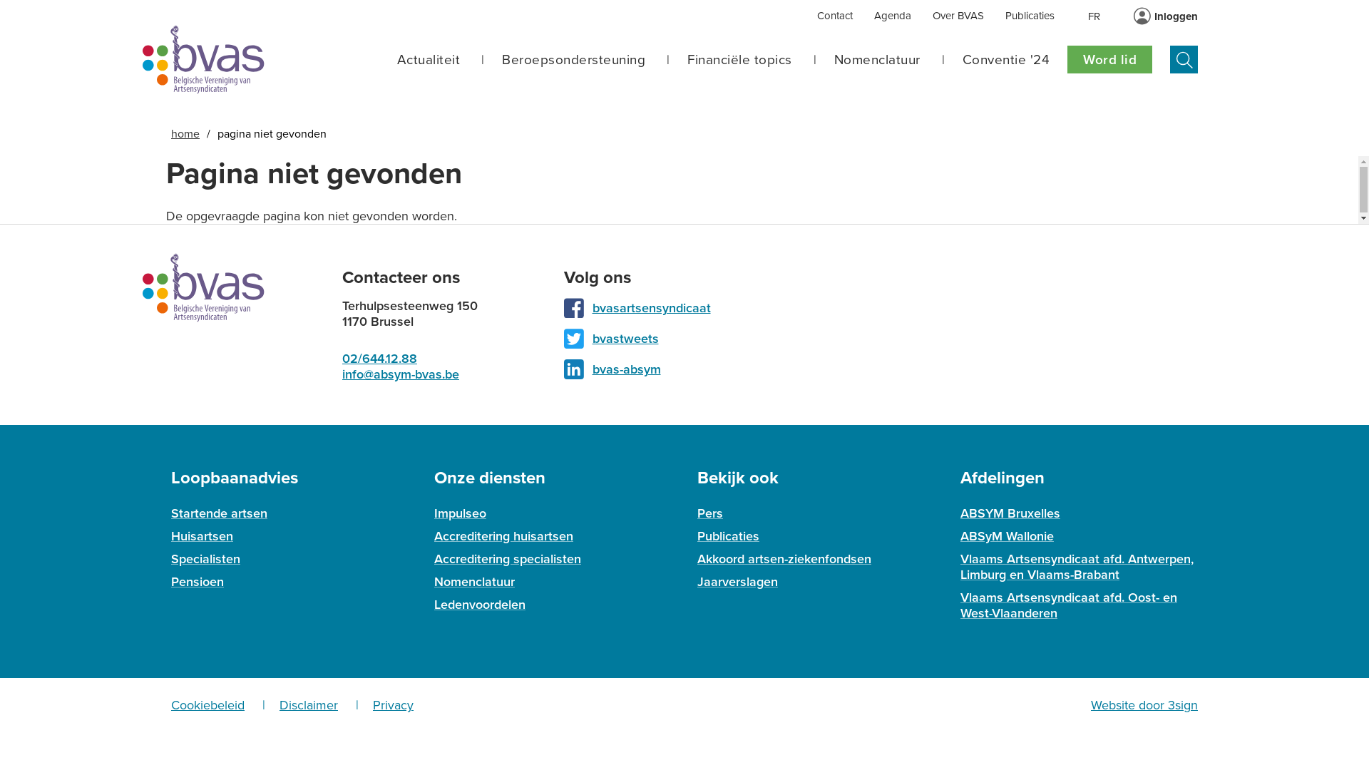  I want to click on 'bvas-absym', so click(626, 368).